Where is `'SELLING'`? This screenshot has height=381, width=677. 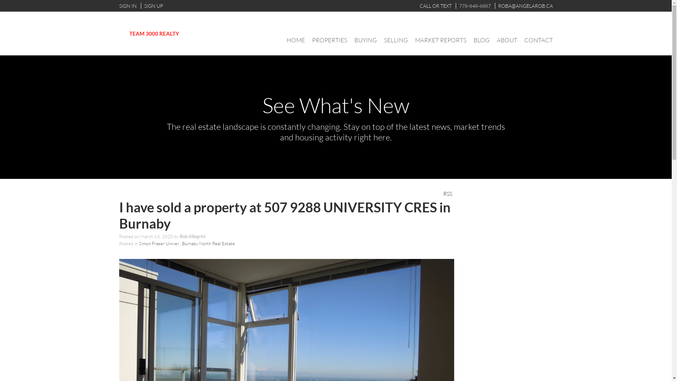 'SELLING' is located at coordinates (396, 40).